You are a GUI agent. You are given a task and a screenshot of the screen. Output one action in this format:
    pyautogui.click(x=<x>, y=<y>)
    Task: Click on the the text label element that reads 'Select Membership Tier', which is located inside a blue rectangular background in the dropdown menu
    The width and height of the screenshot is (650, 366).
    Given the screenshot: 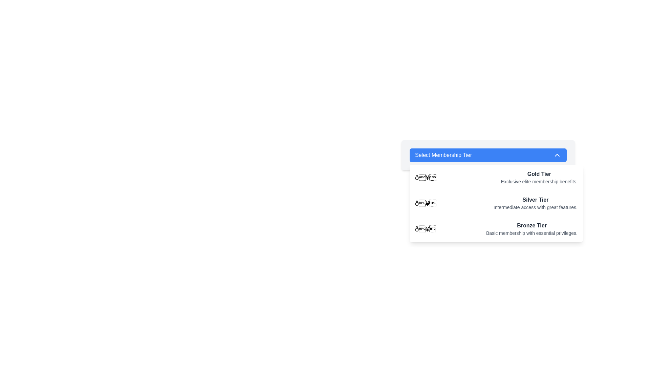 What is the action you would take?
    pyautogui.click(x=443, y=155)
    